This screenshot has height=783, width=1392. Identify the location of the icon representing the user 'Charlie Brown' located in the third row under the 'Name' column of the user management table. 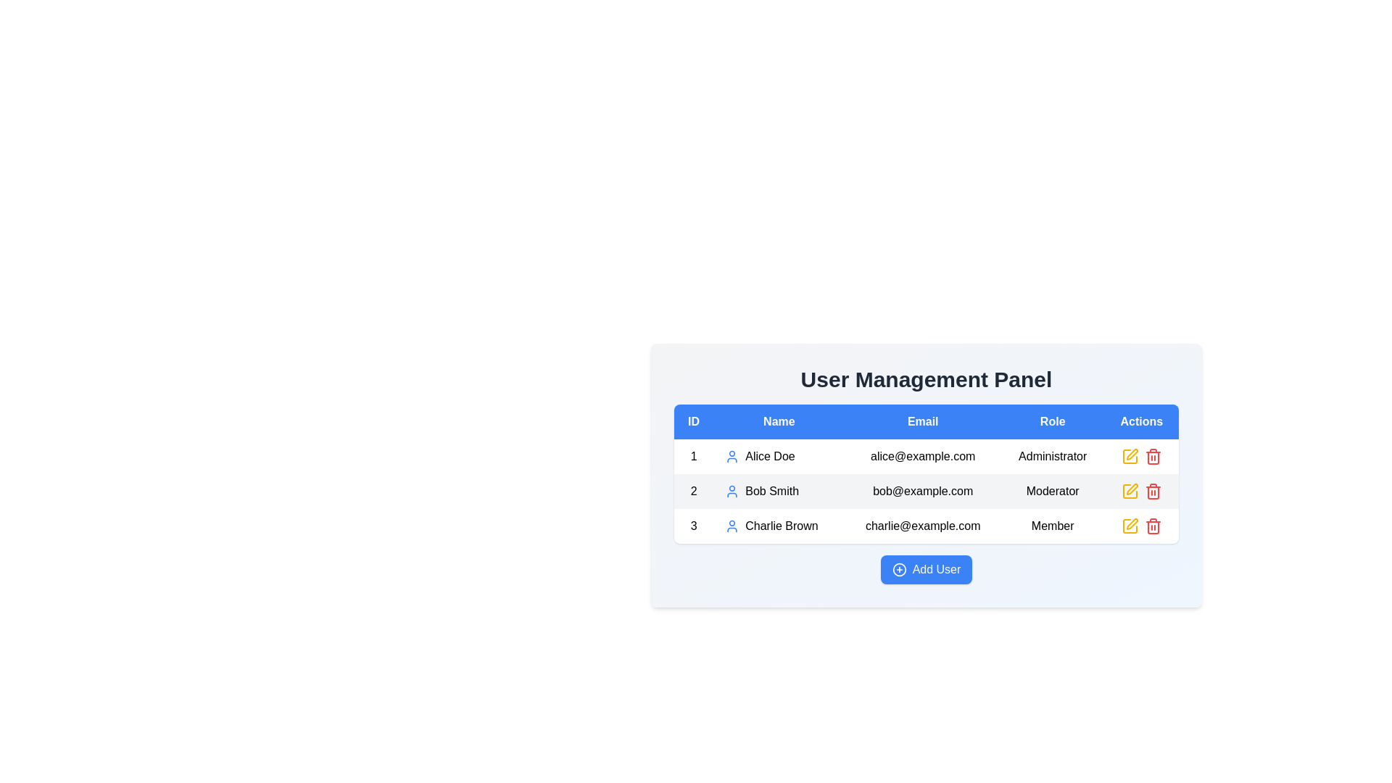
(732, 526).